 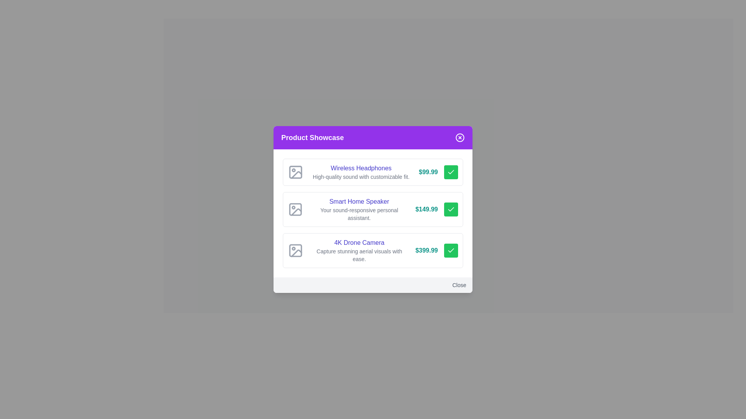 What do you see at coordinates (451, 171) in the screenshot?
I see `the green button containing the check icon` at bounding box center [451, 171].